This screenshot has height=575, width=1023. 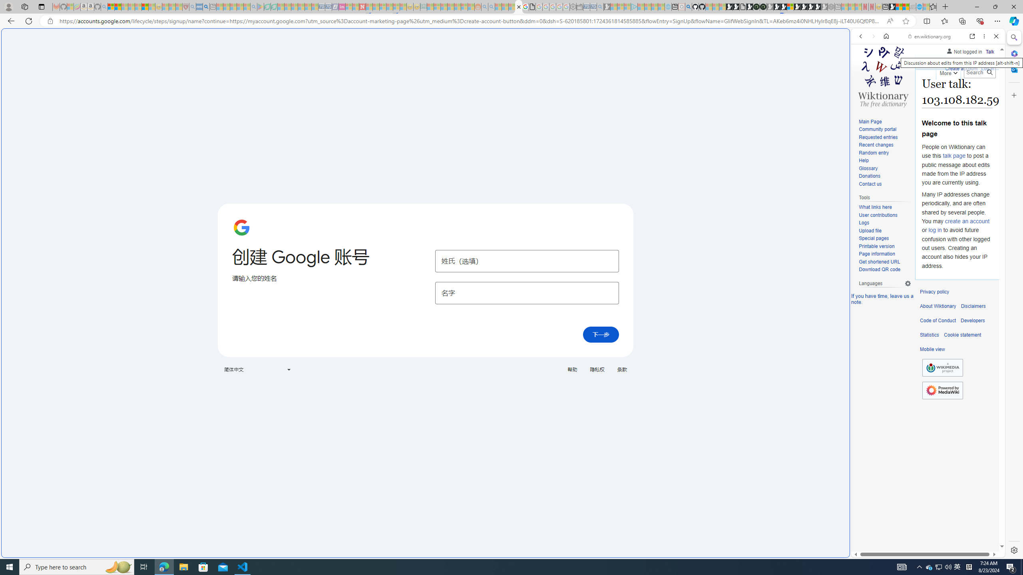 What do you see at coordinates (884, 176) in the screenshot?
I see `'Donations'` at bounding box center [884, 176].